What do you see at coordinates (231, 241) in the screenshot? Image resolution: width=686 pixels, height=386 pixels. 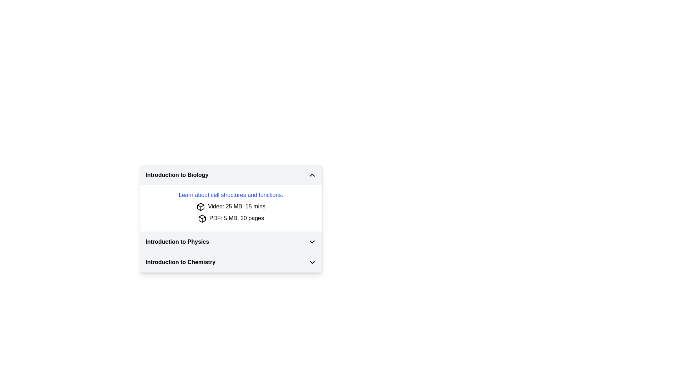 I see `the 'Introduction to Physics' expandable list item` at bounding box center [231, 241].